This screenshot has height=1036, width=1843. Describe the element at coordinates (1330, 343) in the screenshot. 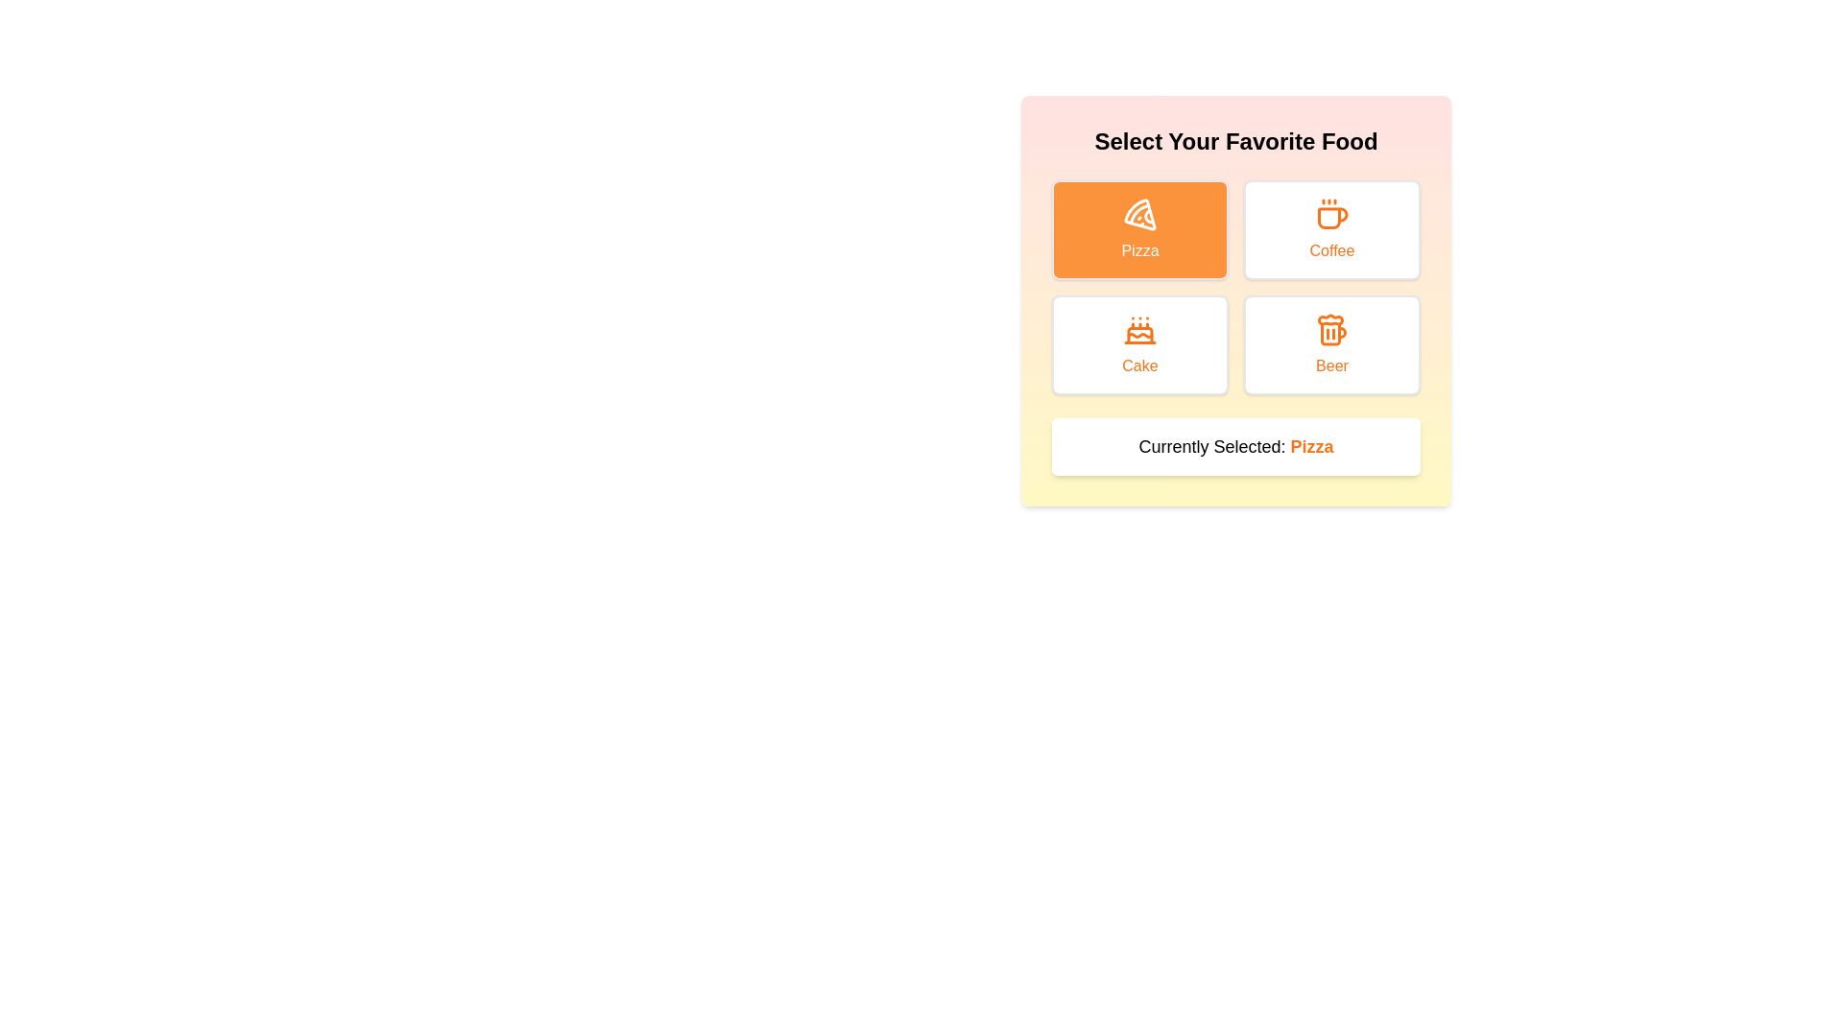

I see `the Beer button to observe the hover effect` at that location.